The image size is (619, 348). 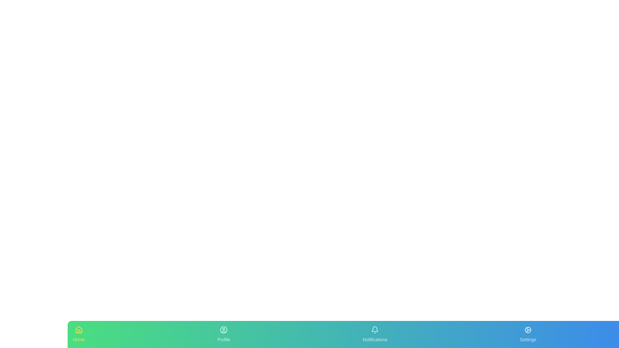 What do you see at coordinates (527, 334) in the screenshot?
I see `the Settings tab in the bottom navigation` at bounding box center [527, 334].